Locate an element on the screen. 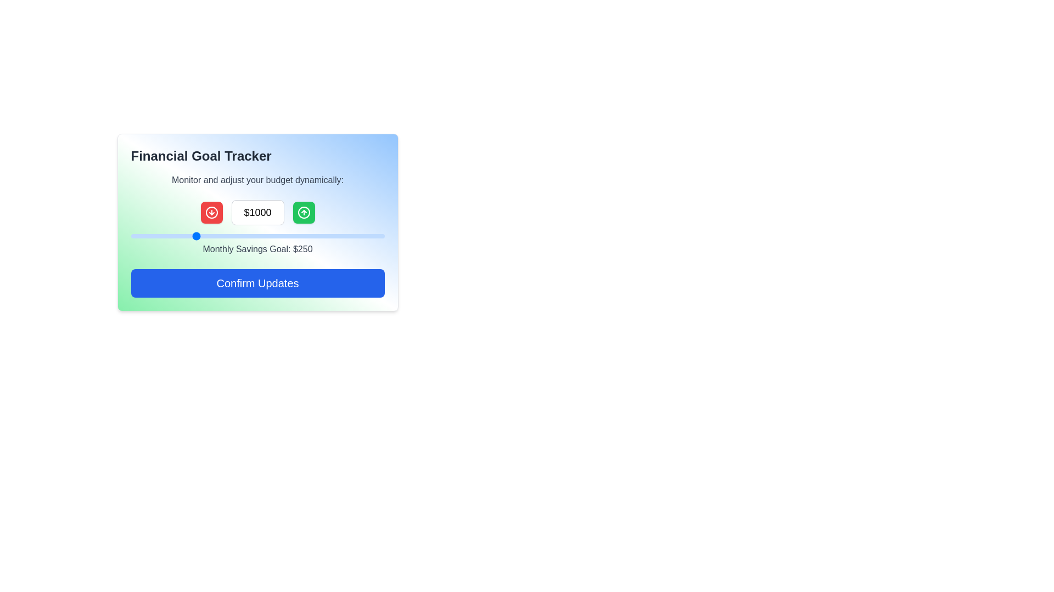 The width and height of the screenshot is (1054, 592). the monthly savings goal is located at coordinates (150, 236).